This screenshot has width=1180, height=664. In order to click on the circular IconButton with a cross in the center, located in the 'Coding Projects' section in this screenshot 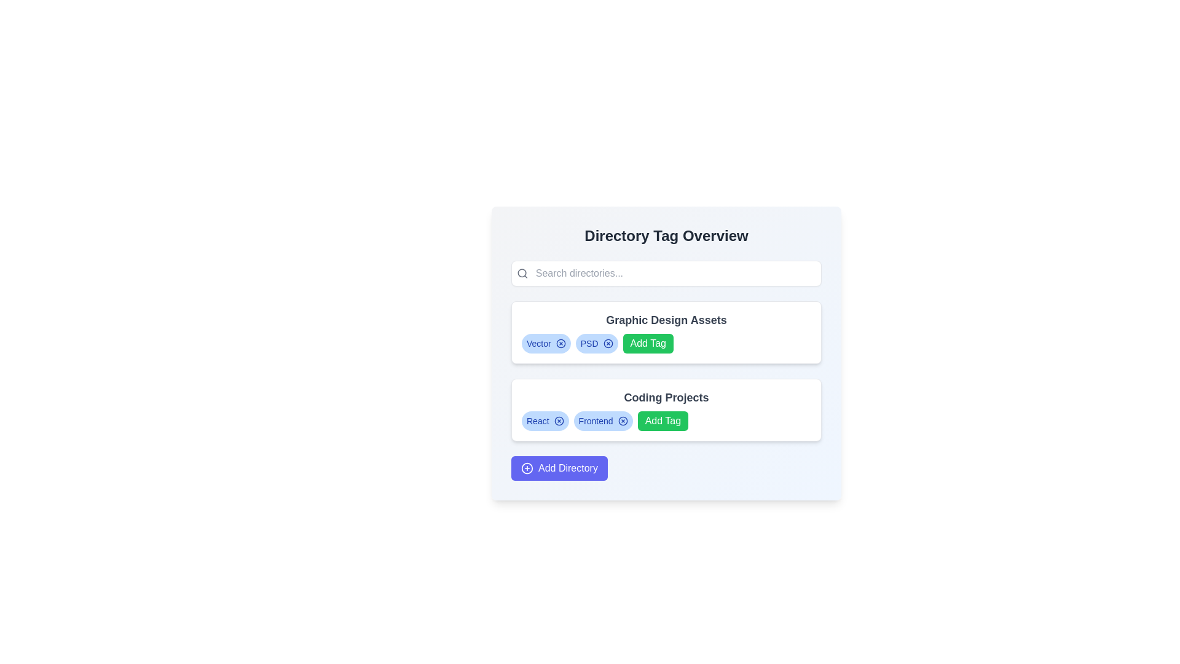, I will do `click(558, 421)`.